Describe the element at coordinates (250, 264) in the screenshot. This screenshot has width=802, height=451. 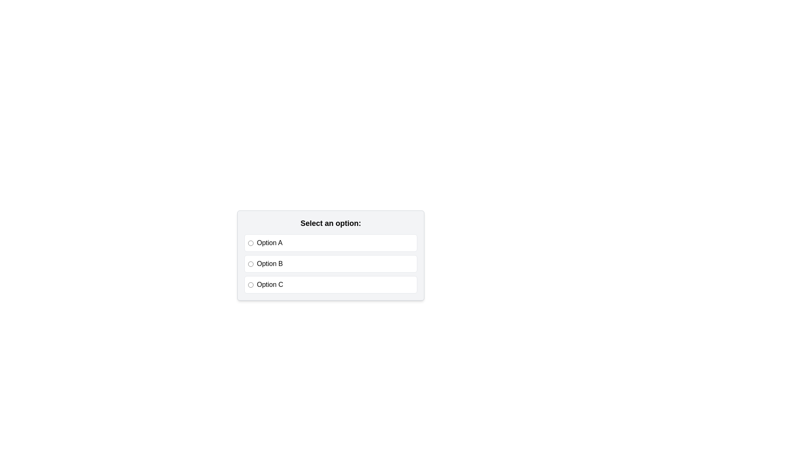
I see `the radio button for 'Option B'` at that location.